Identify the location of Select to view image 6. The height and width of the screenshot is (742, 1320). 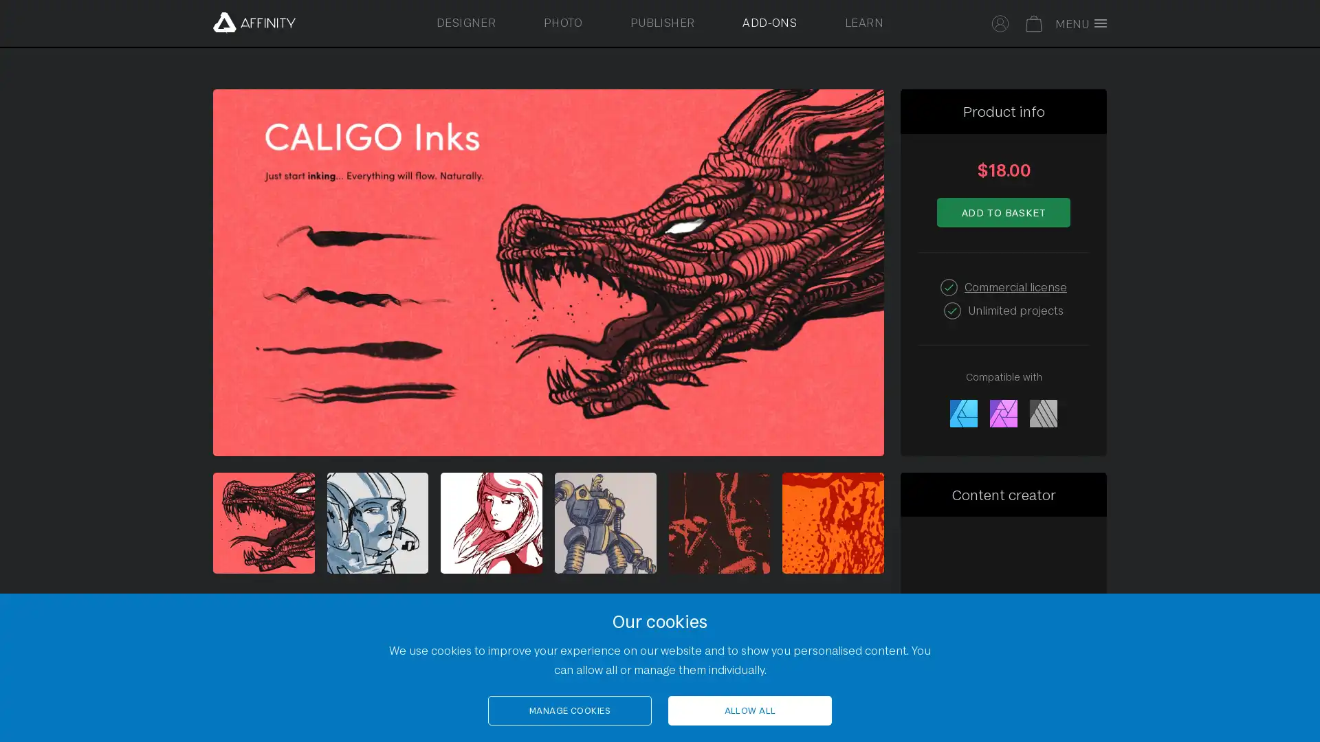
(832, 522).